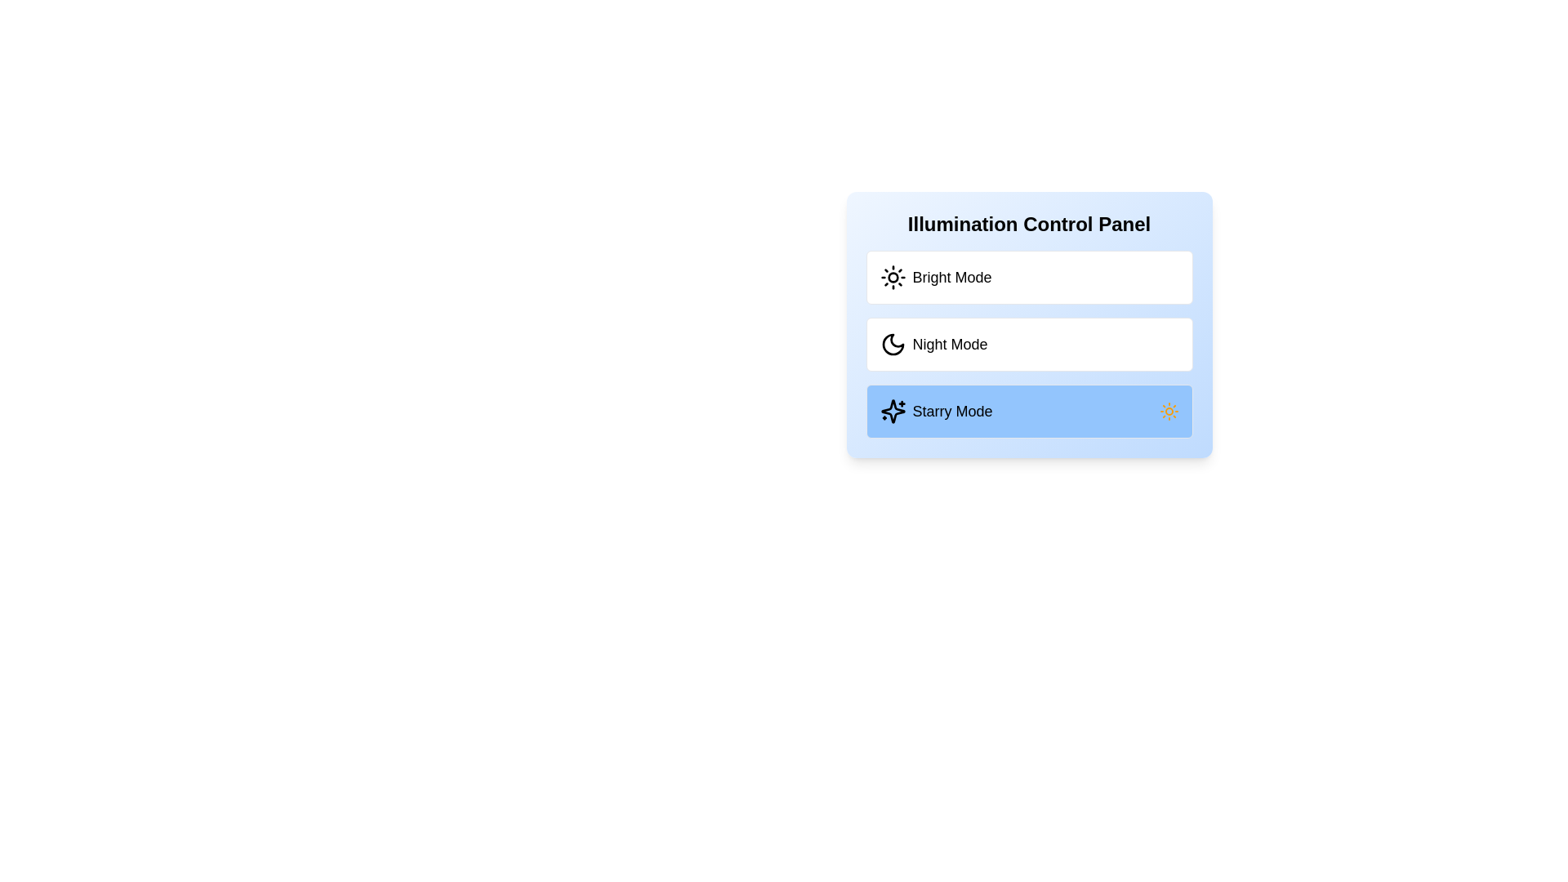 The height and width of the screenshot is (882, 1568). Describe the element at coordinates (1168, 411) in the screenshot. I see `the active mode indicator to interact with it` at that location.